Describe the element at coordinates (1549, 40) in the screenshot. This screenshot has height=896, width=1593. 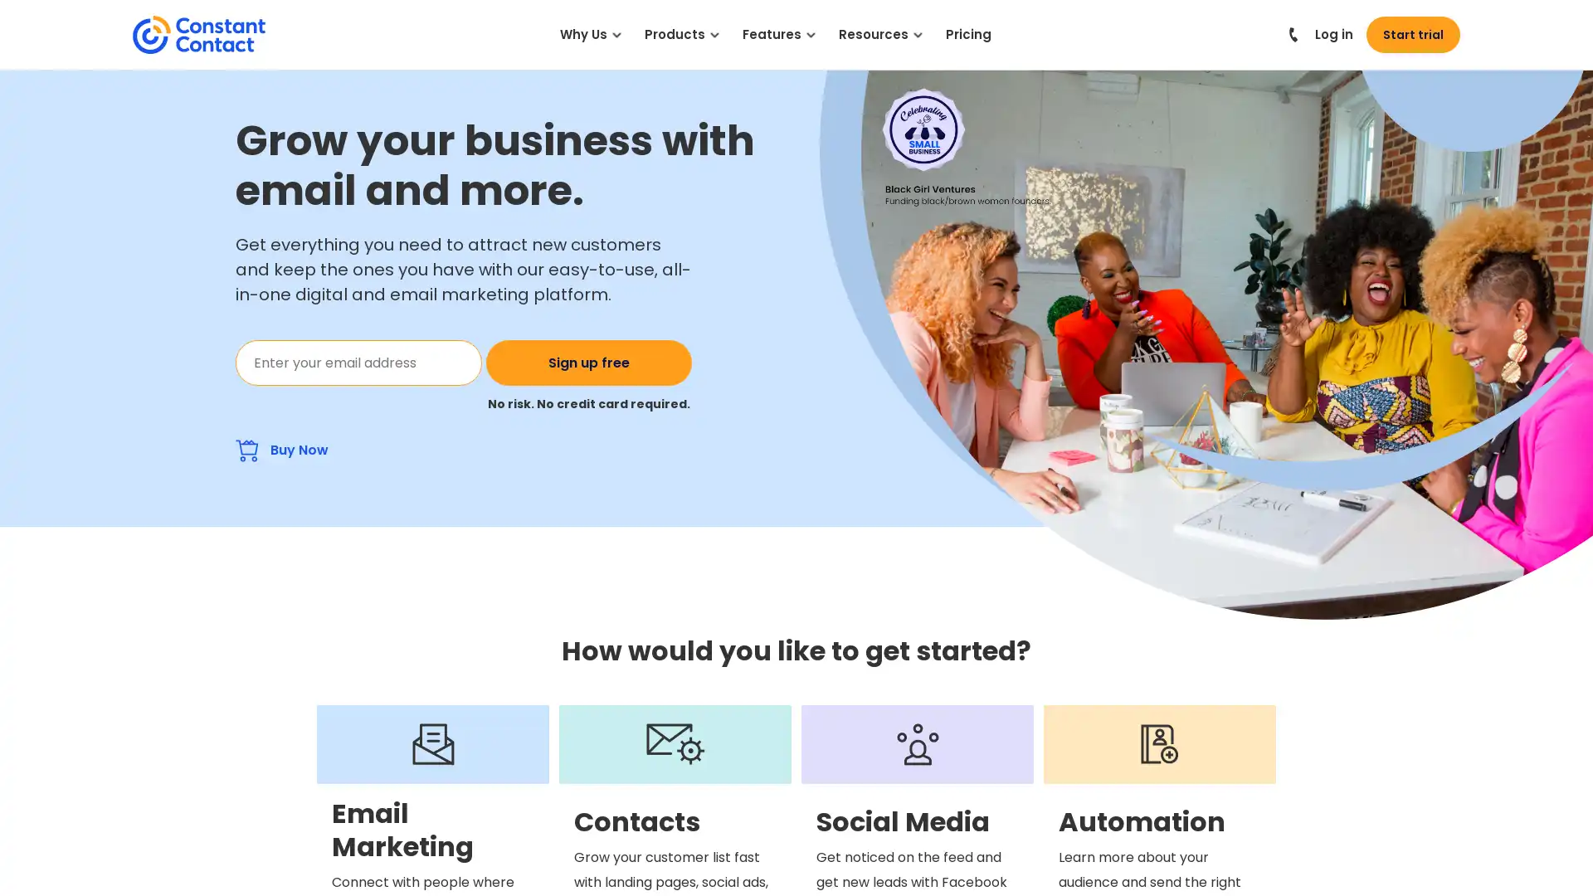
I see `Close overlay` at that location.